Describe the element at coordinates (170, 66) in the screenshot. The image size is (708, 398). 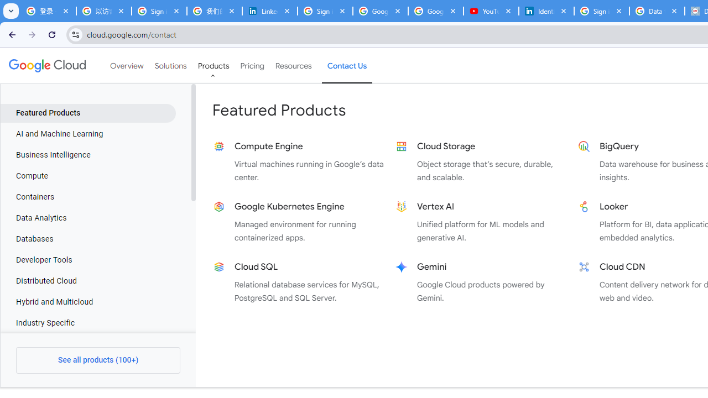
I see `'Solutions'` at that location.